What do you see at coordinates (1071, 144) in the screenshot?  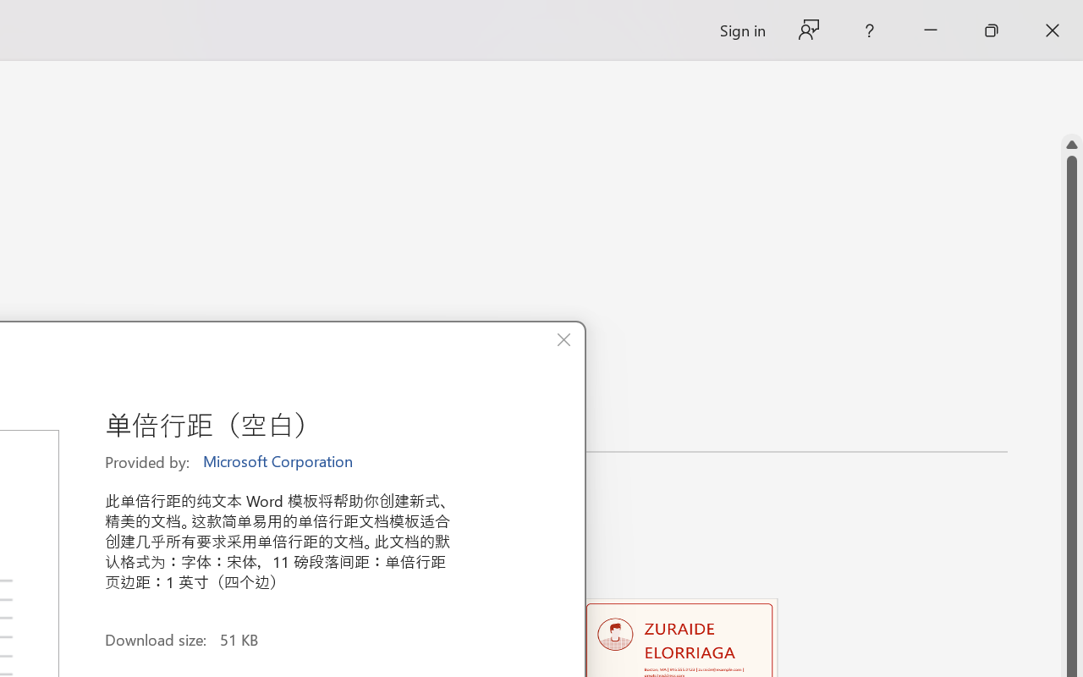 I see `'Line up'` at bounding box center [1071, 144].